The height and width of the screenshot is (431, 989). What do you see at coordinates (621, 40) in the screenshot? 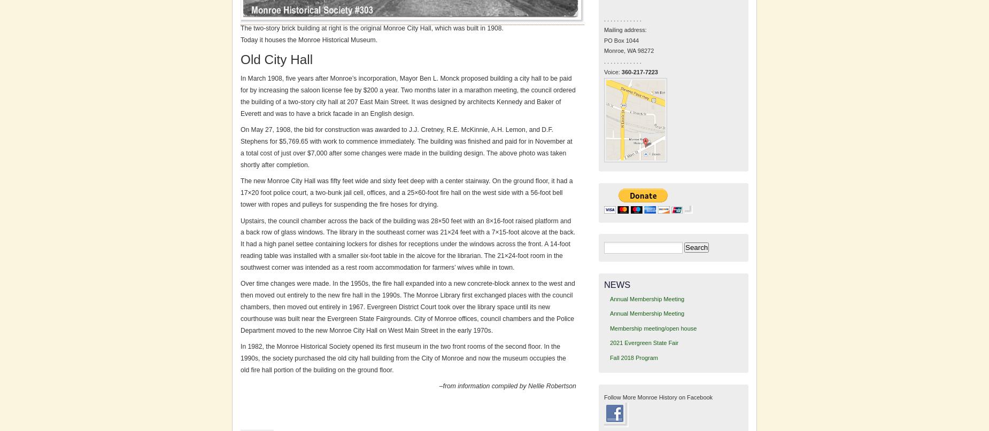
I see `'PO Box 1044'` at bounding box center [621, 40].